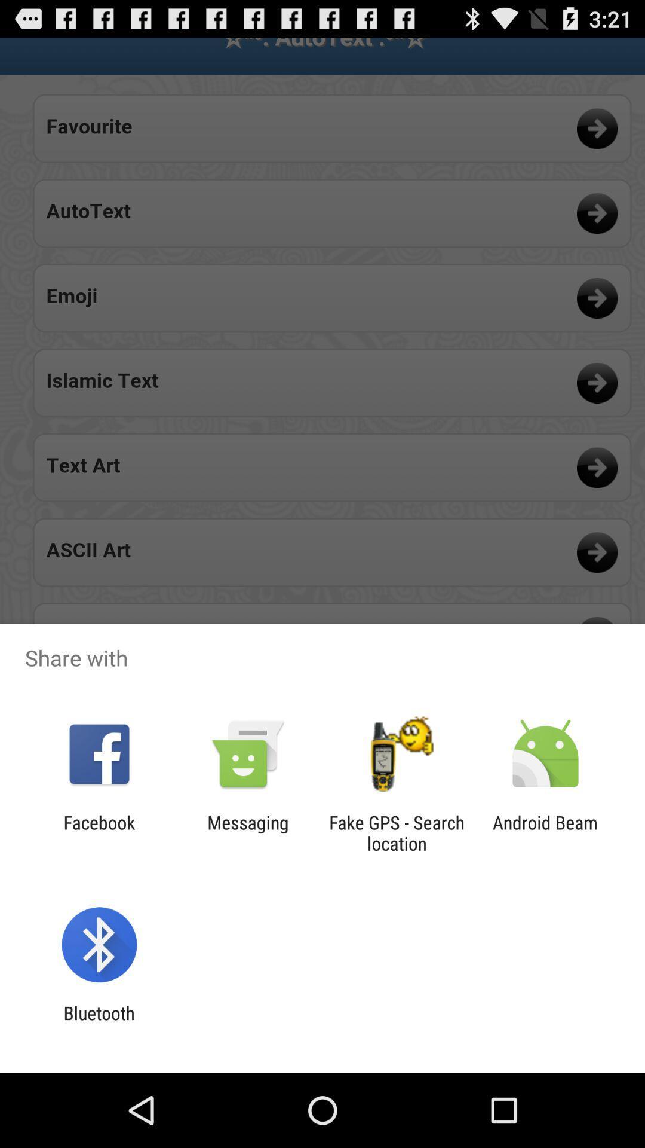 Image resolution: width=645 pixels, height=1148 pixels. I want to click on the item next to fake gps search, so click(545, 832).